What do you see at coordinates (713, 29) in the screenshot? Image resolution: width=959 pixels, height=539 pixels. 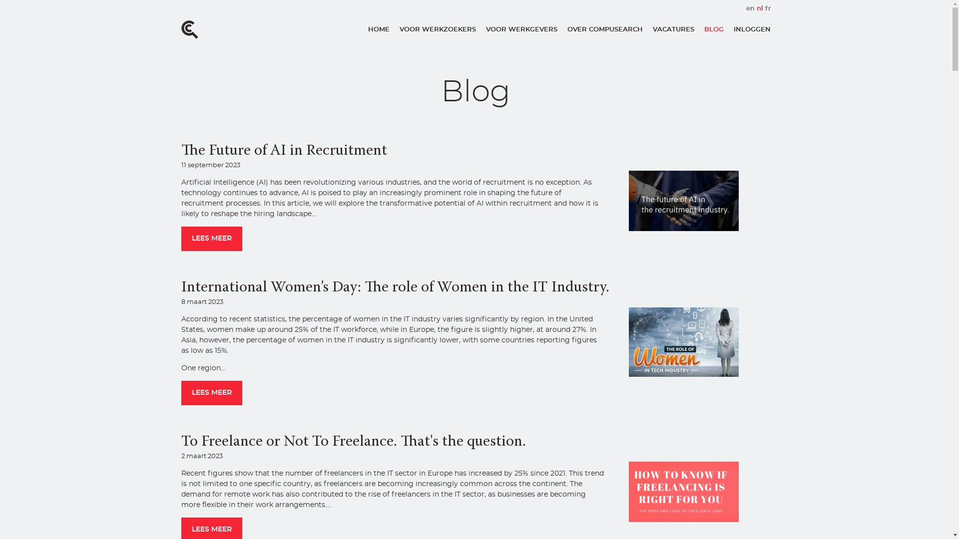 I see `'BLOG'` at bounding box center [713, 29].